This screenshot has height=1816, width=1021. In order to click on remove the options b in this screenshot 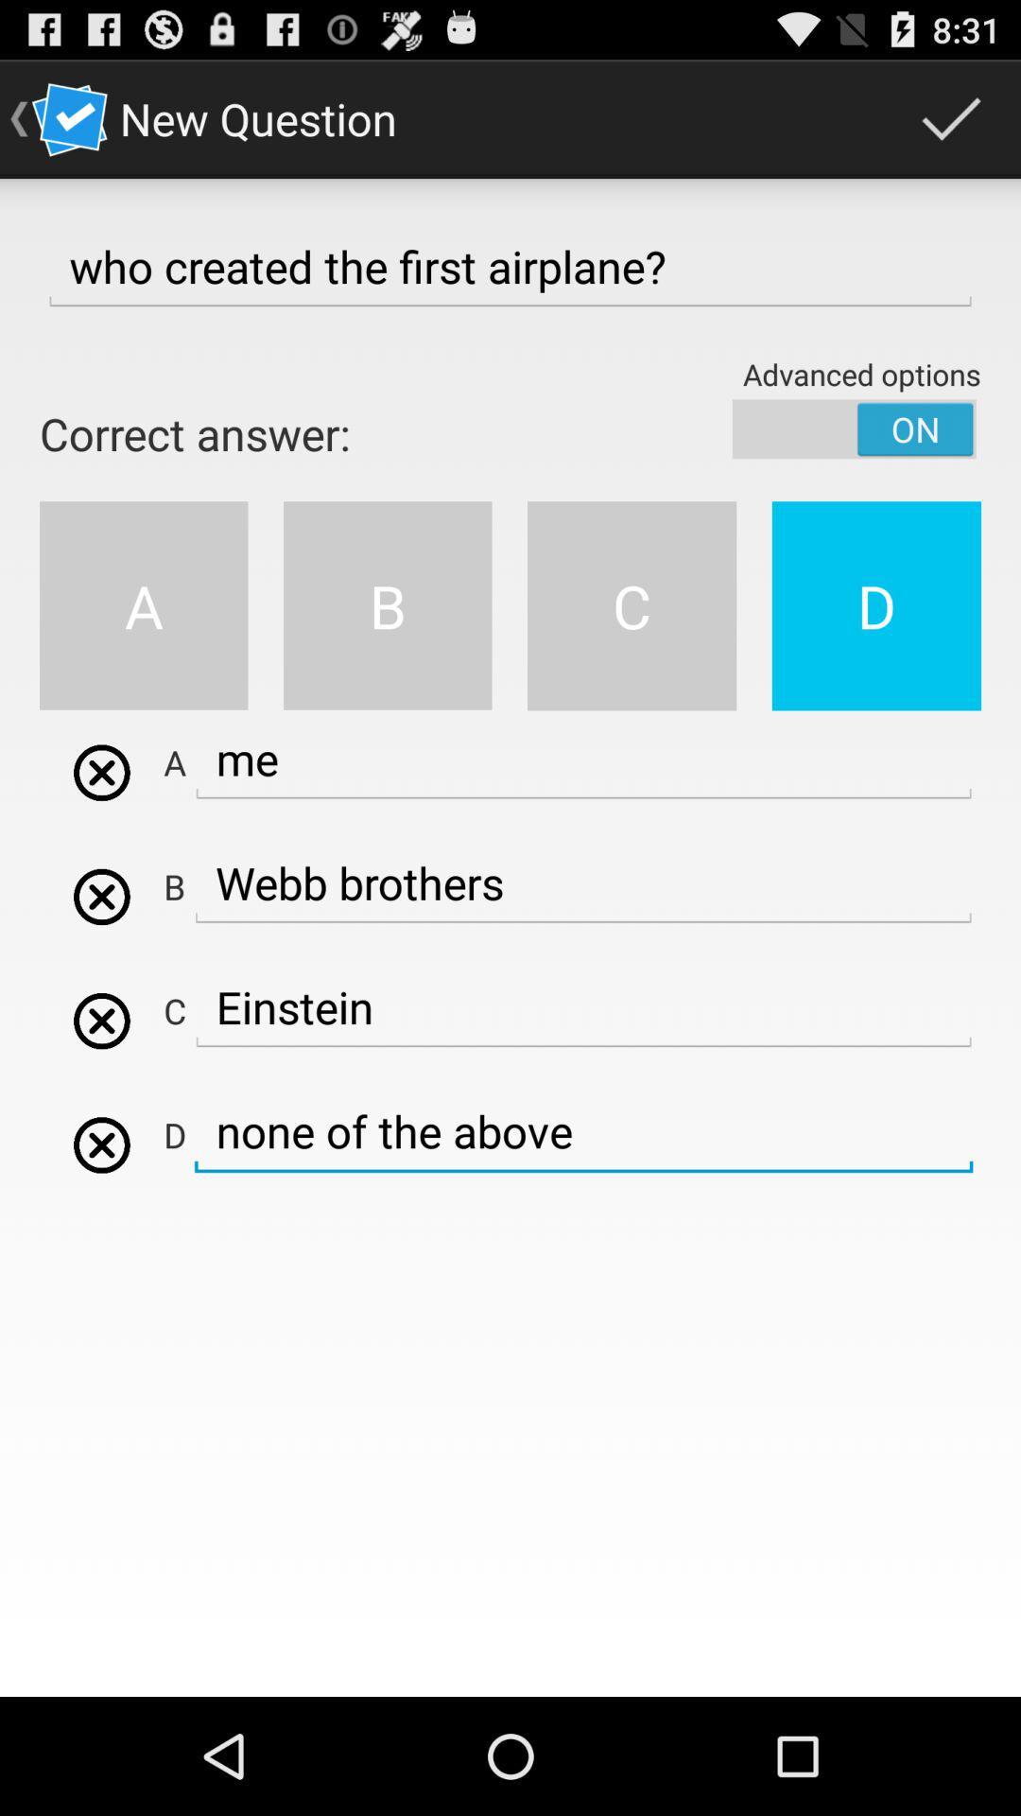, I will do `click(101, 896)`.